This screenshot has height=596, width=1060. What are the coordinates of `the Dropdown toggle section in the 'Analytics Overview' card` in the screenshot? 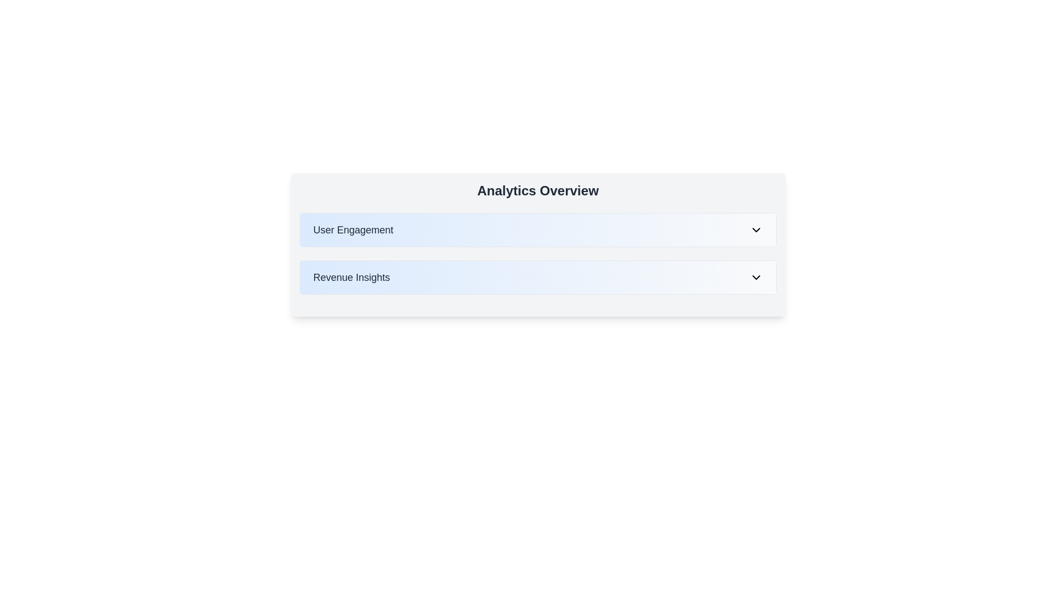 It's located at (538, 229).